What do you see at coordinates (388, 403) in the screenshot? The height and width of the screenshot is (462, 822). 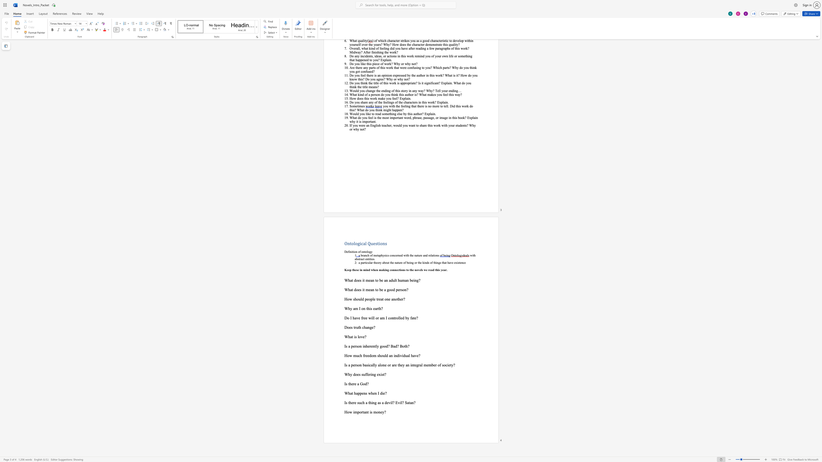 I see `the space between the continuous character "e" and "v" in the text` at bounding box center [388, 403].